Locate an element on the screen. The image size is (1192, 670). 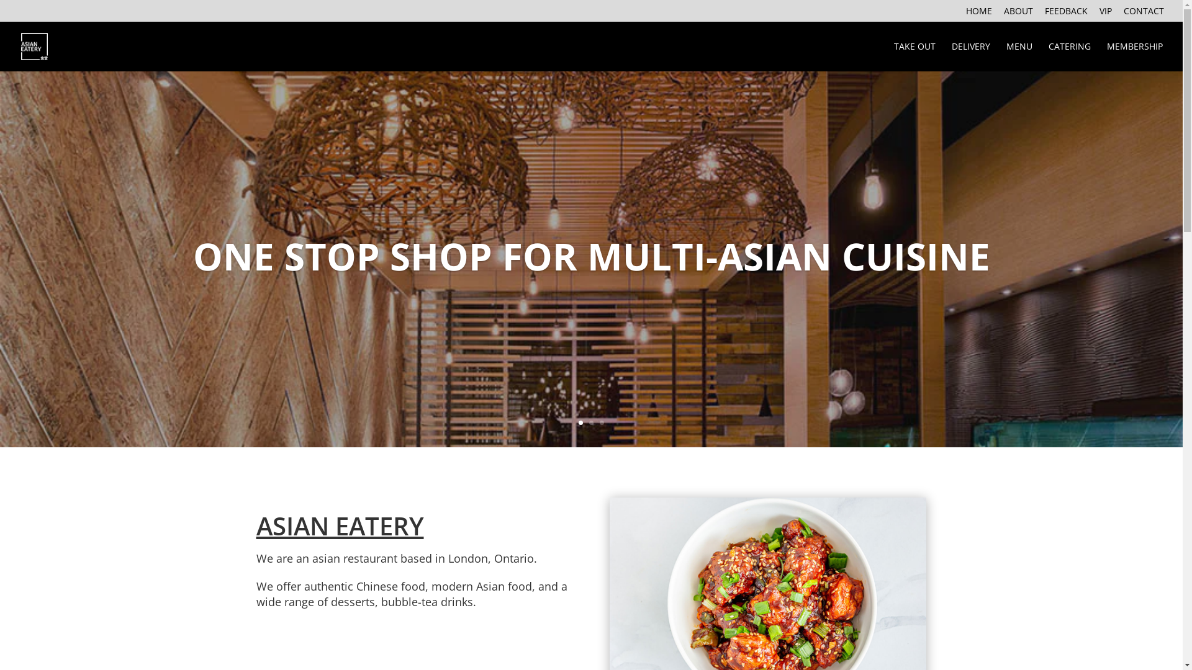
'MENU' is located at coordinates (1006, 56).